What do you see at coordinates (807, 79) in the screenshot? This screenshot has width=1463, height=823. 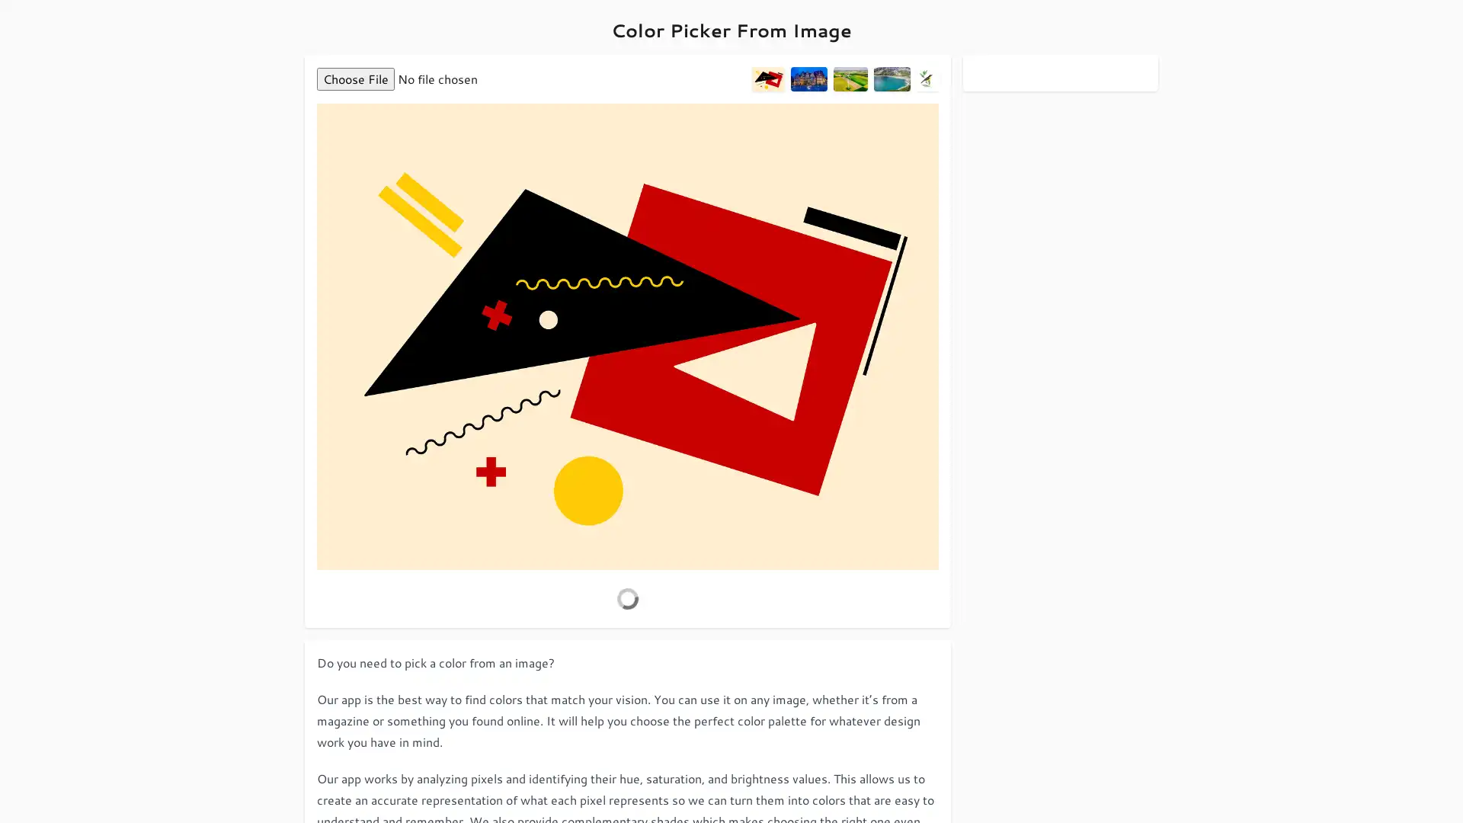 I see `example image` at bounding box center [807, 79].